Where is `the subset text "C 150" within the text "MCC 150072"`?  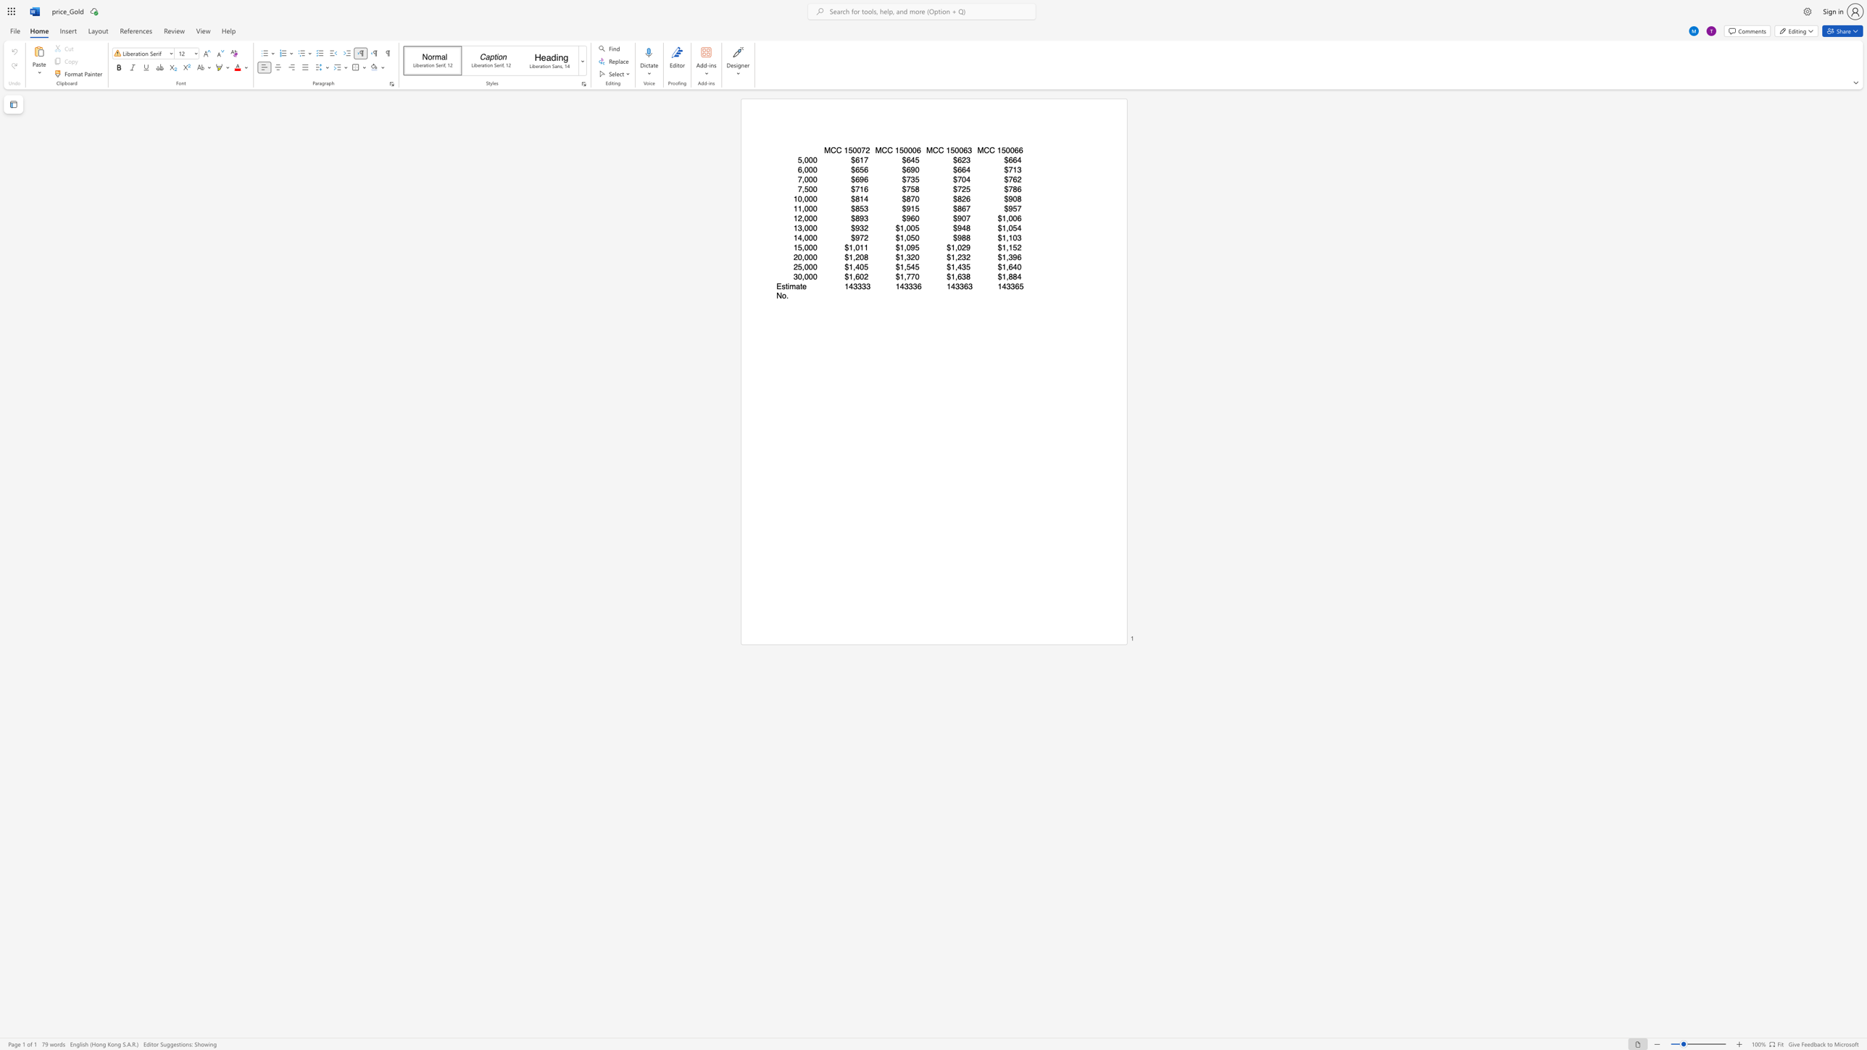 the subset text "C 150" within the text "MCC 150072" is located at coordinates (835, 150).